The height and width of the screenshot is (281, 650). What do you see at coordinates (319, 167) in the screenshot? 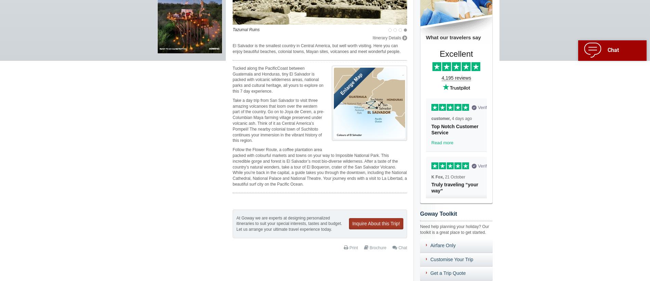
I see `'Follow the Flower Route, a coffee plantation area packed with colourful markets and towns on your way to Imposible National Park. This incredible gorge and forest is El Salvador’s most bio-diverse wilderness. After a taste of the country’s natural wonders, take a tour of El Boqueron, crater of the San Salvador Volcano. While you’re back in the capital, a guide takes you through the downtown, including the National Cathedral, National Palace and National Theatre. Your journey ends with a visit to La Libertad, a beautiful surf city on the Pacific Ocean.'` at bounding box center [319, 167].